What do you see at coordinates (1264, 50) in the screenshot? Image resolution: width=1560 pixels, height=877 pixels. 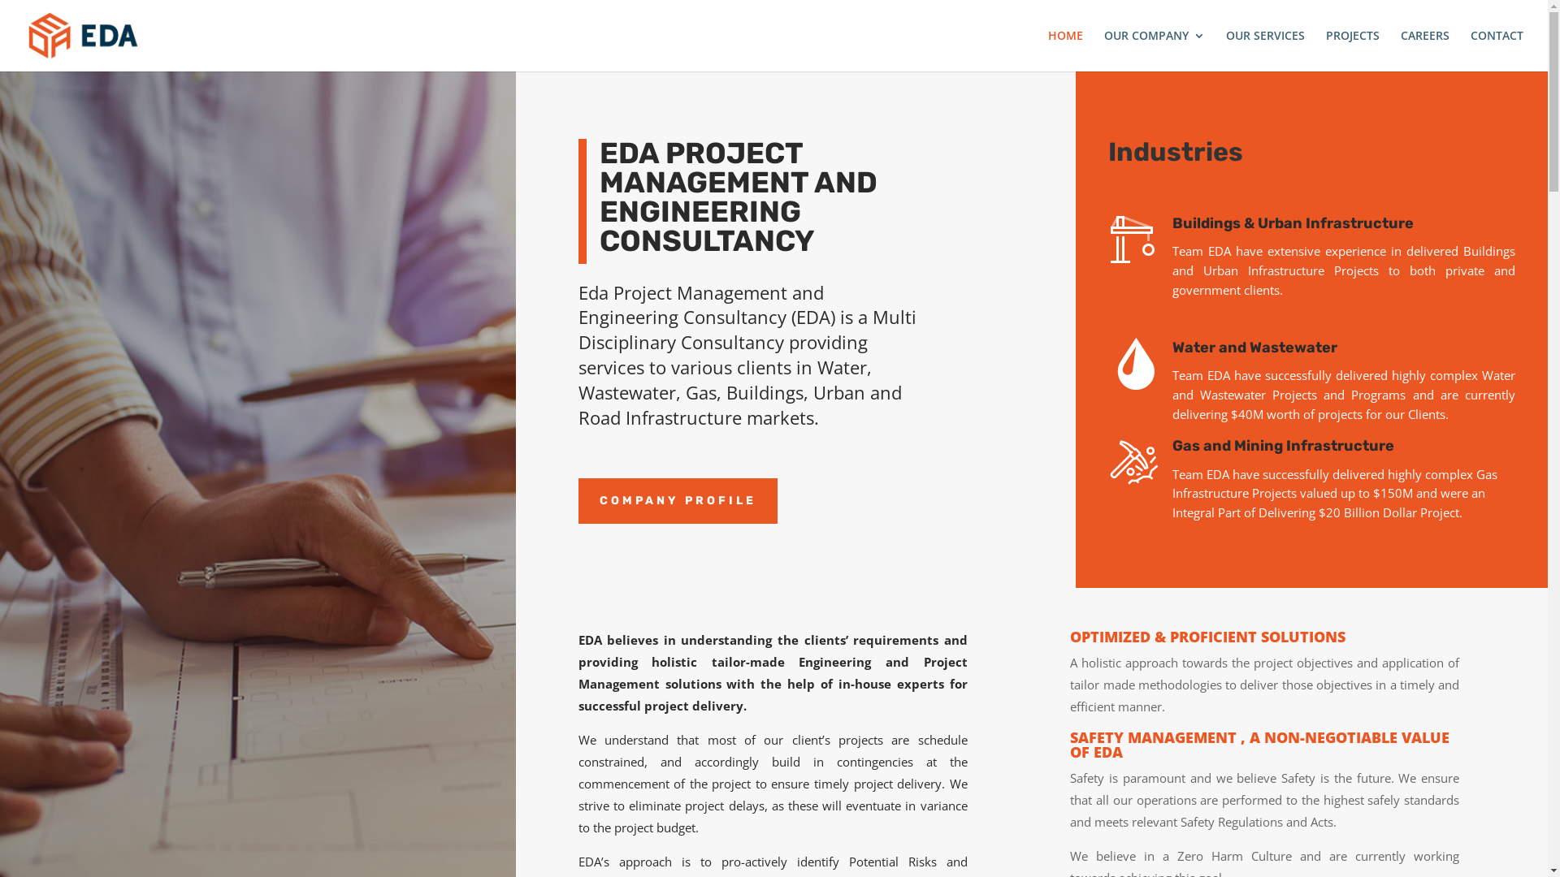 I see `'OUR SERVICES'` at bounding box center [1264, 50].